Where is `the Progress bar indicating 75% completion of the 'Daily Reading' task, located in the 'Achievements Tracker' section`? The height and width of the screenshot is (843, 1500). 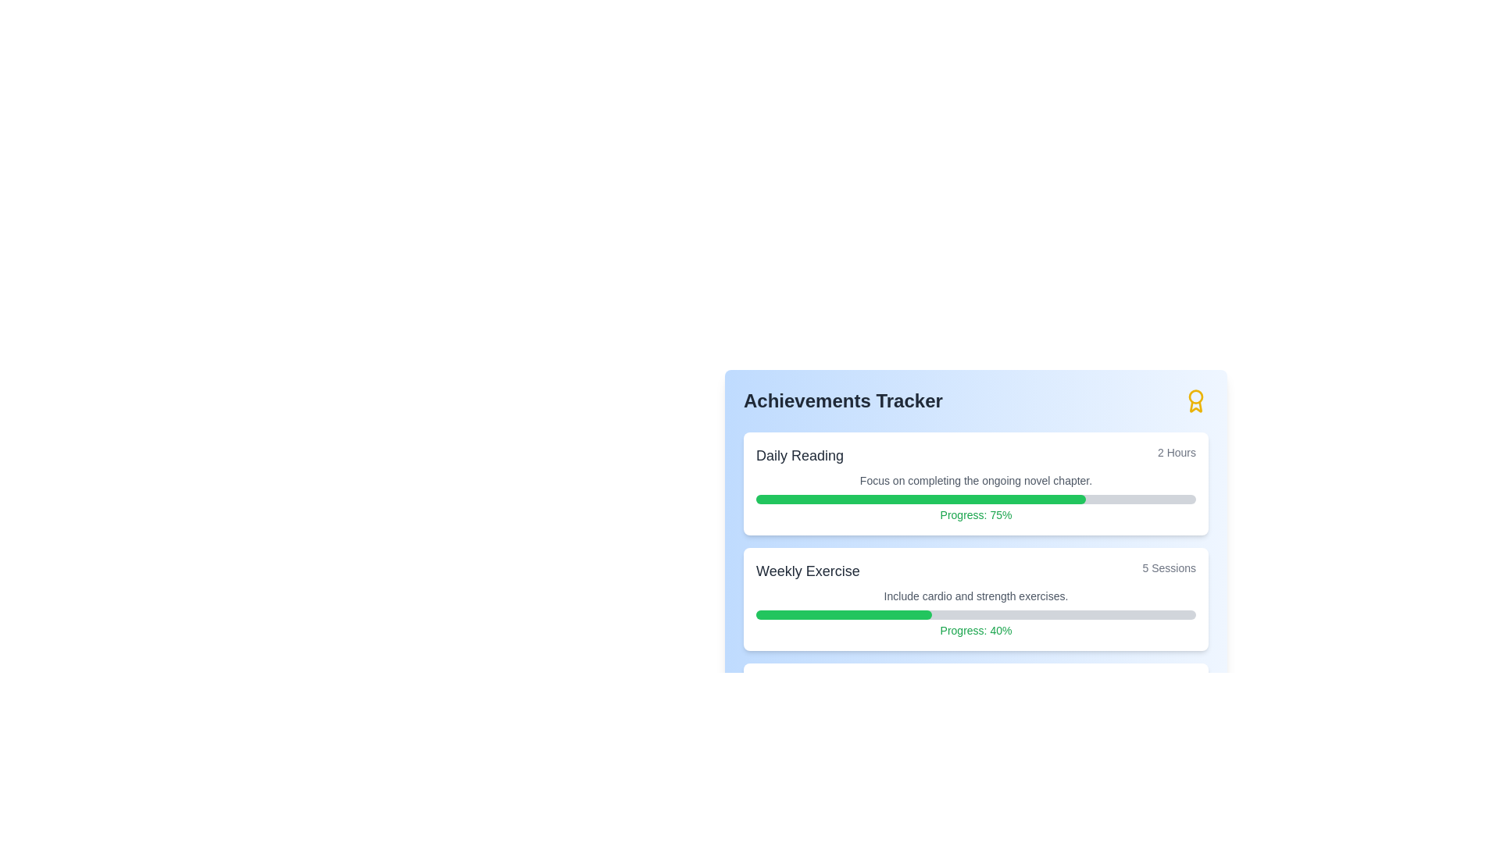
the Progress bar indicating 75% completion of the 'Daily Reading' task, located in the 'Achievements Tracker' section is located at coordinates (921, 500).